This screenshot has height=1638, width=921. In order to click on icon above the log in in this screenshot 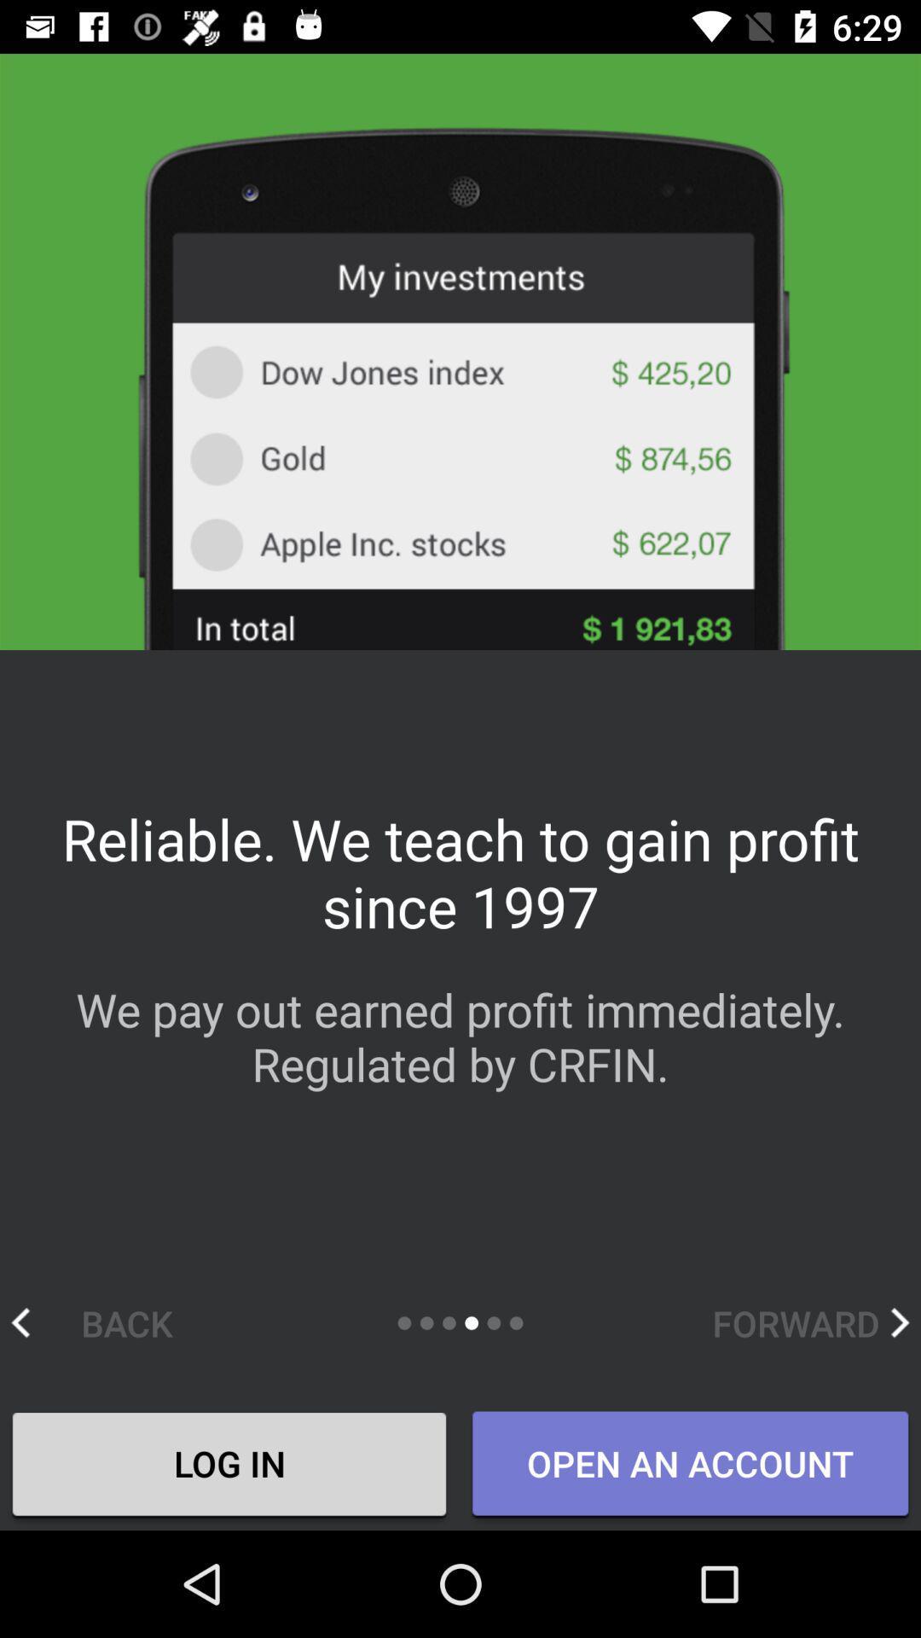, I will do `click(109, 1321)`.